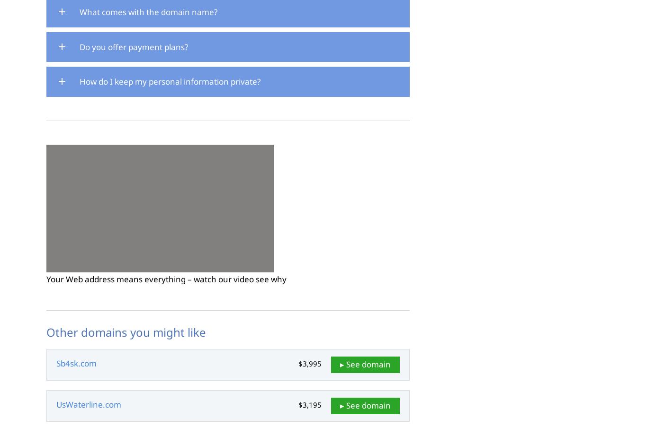 The image size is (647, 427). What do you see at coordinates (309, 363) in the screenshot?
I see `'$3,995'` at bounding box center [309, 363].